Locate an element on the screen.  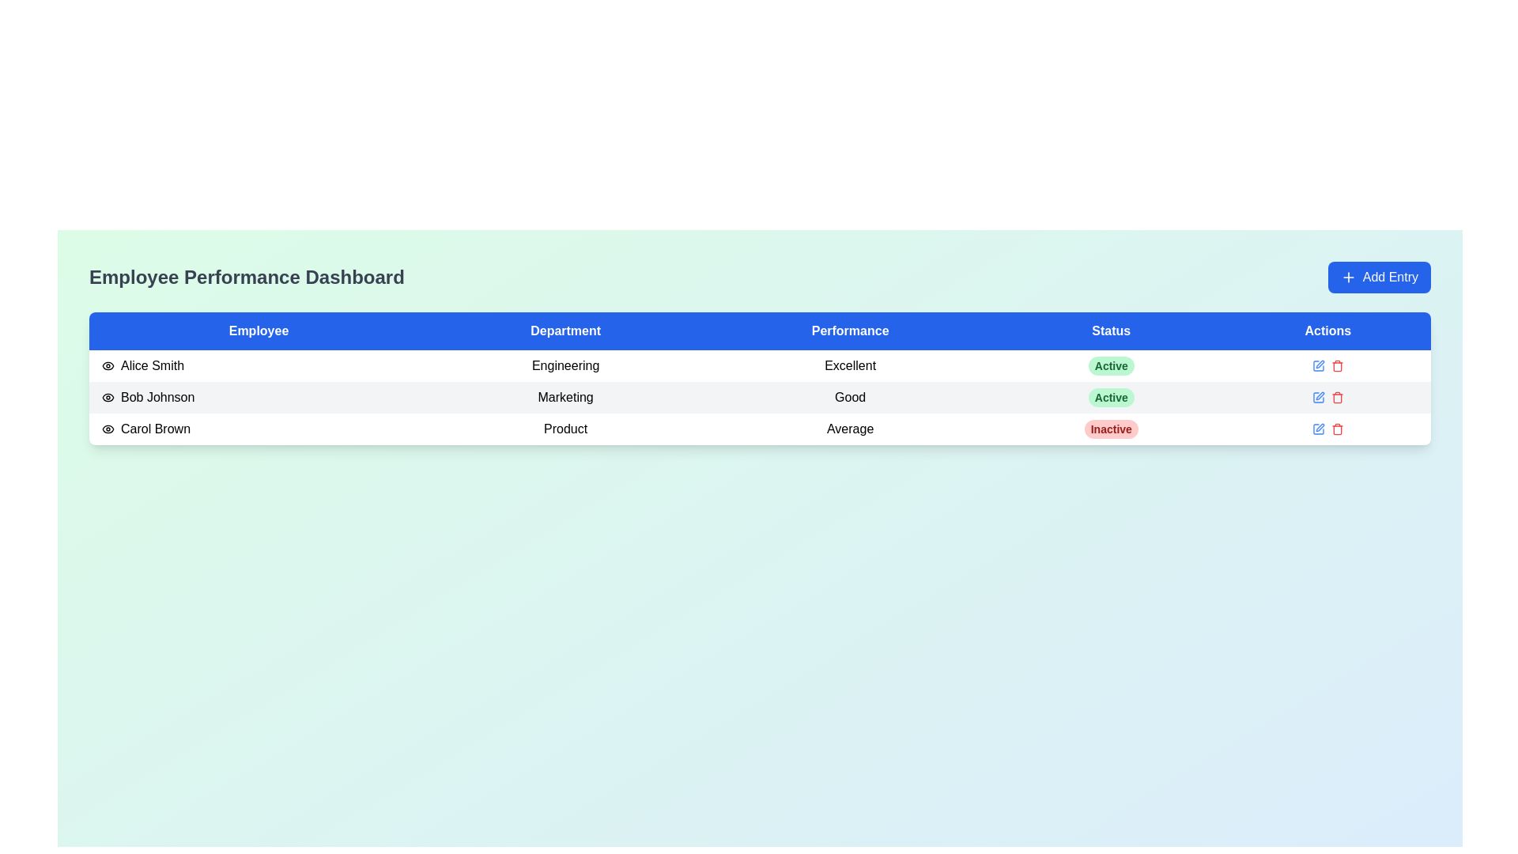
the details of the edit action icon associated with the second row for 'Bob Johnson' in the 'Actions' column of the table is located at coordinates (1318, 396).